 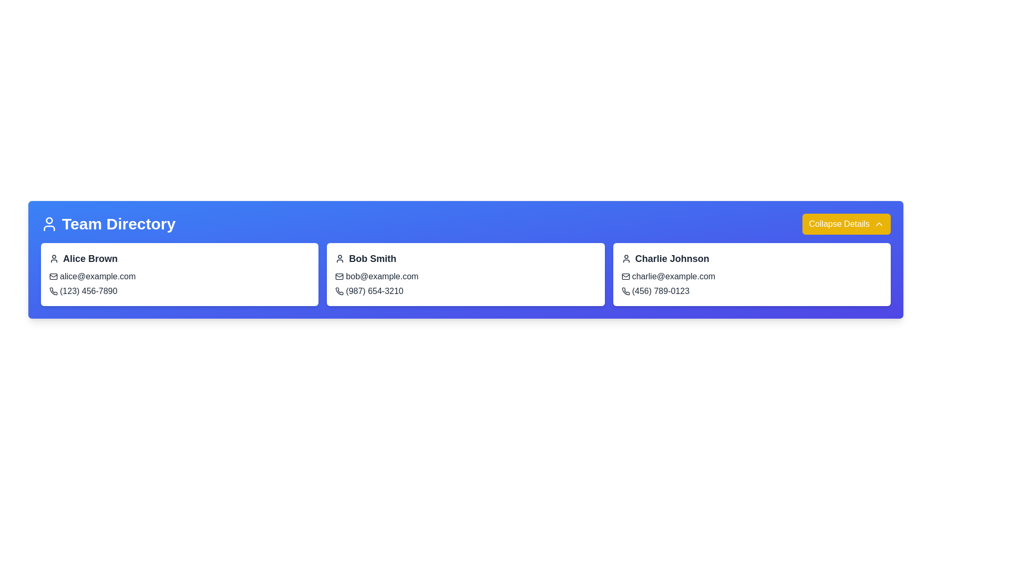 I want to click on the user profile icon, so click(x=49, y=224).